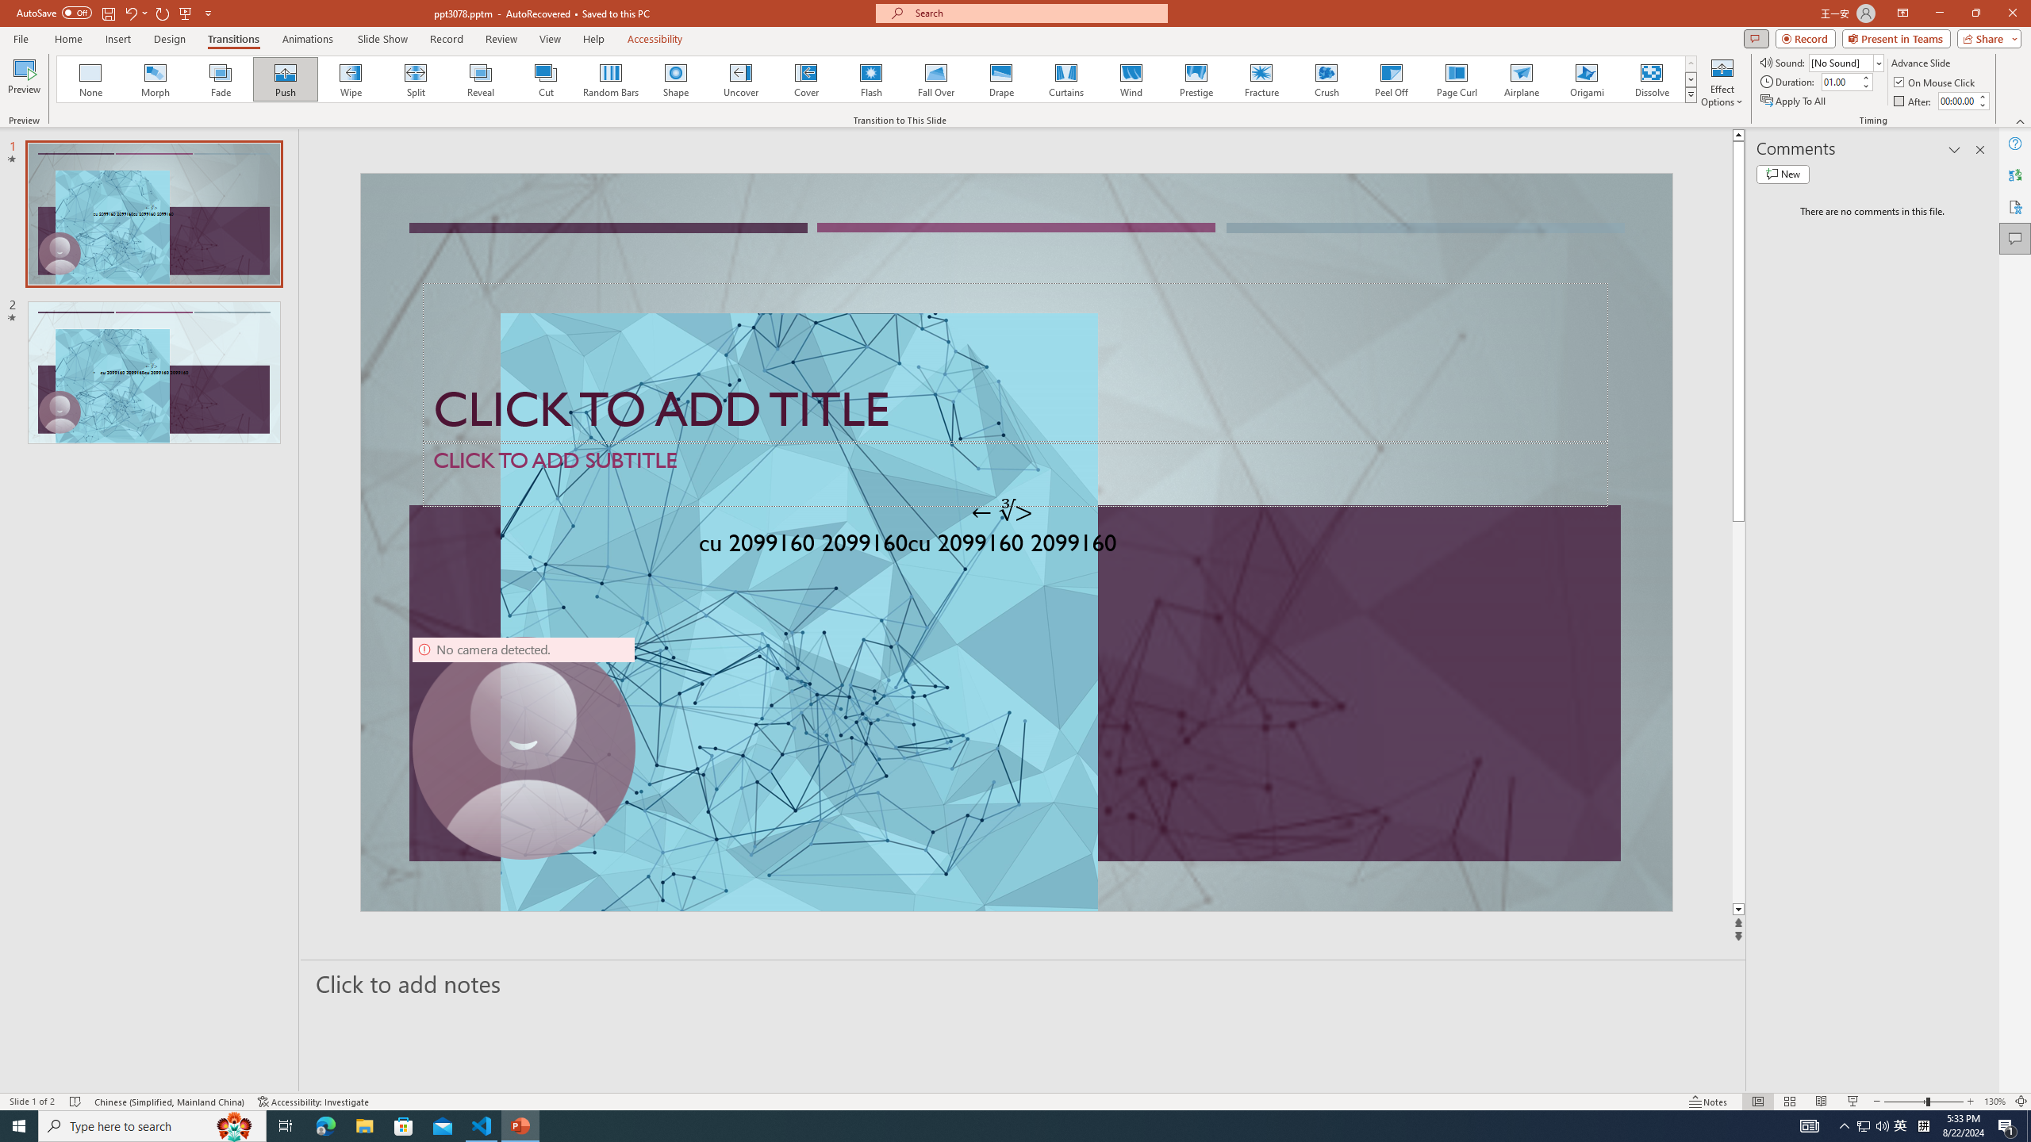 The width and height of the screenshot is (2031, 1142). I want to click on 'TextBox 7', so click(1002, 511).